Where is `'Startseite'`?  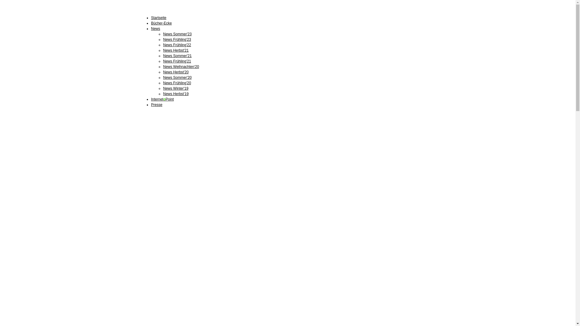 'Startseite' is located at coordinates (159, 17).